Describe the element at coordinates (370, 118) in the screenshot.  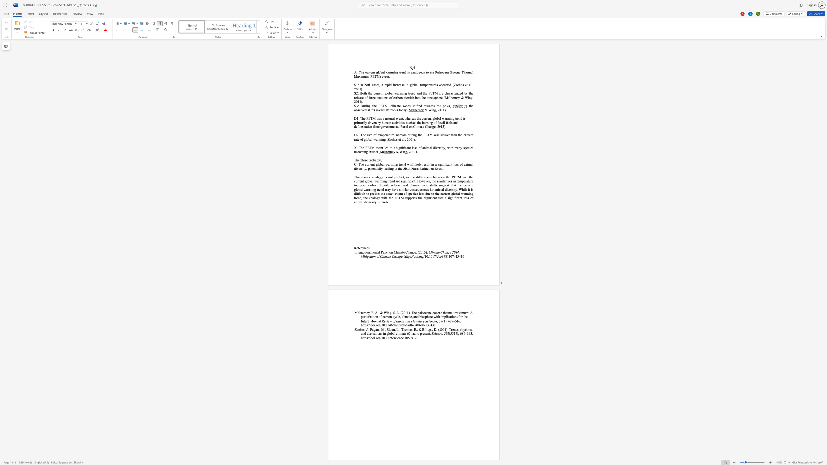
I see `the space between the continuous character "E" and "T" in the text` at that location.